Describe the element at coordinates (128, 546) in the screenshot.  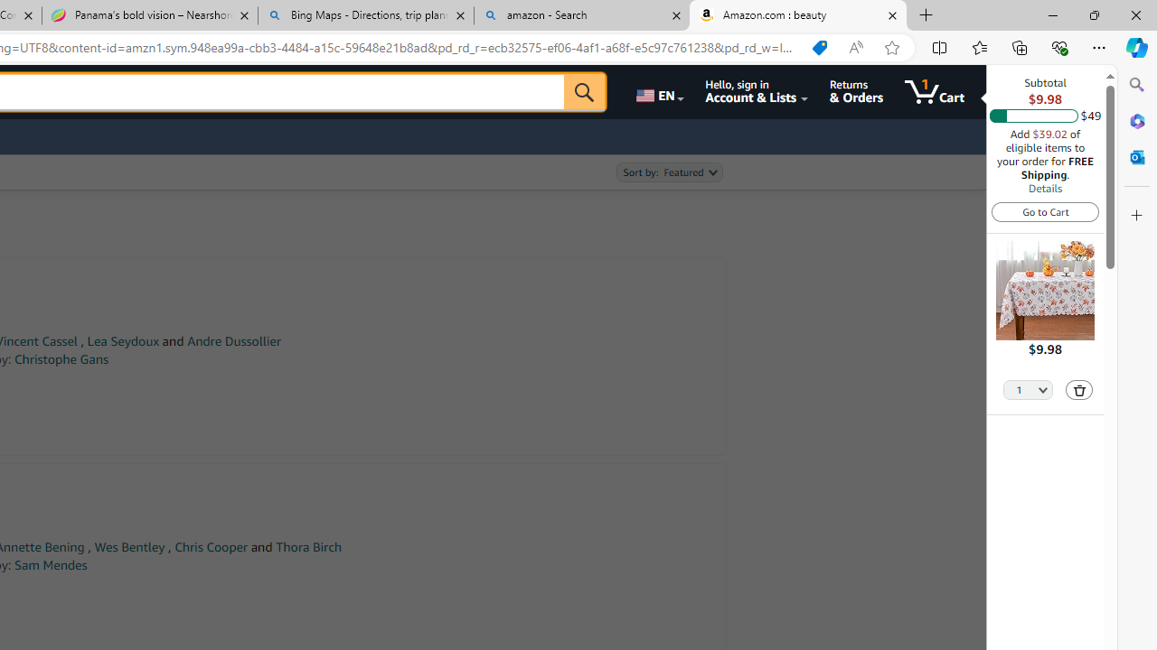
I see `'Wes Bentley'` at that location.